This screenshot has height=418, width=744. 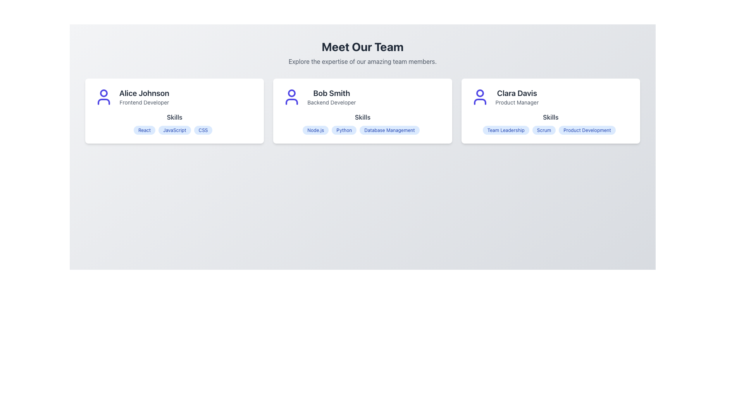 What do you see at coordinates (550, 129) in the screenshot?
I see `the 'Scrum' skill label, which is the second badge in the 'Skills' section of Clara Davis' profile card on the right side of the interface` at bounding box center [550, 129].